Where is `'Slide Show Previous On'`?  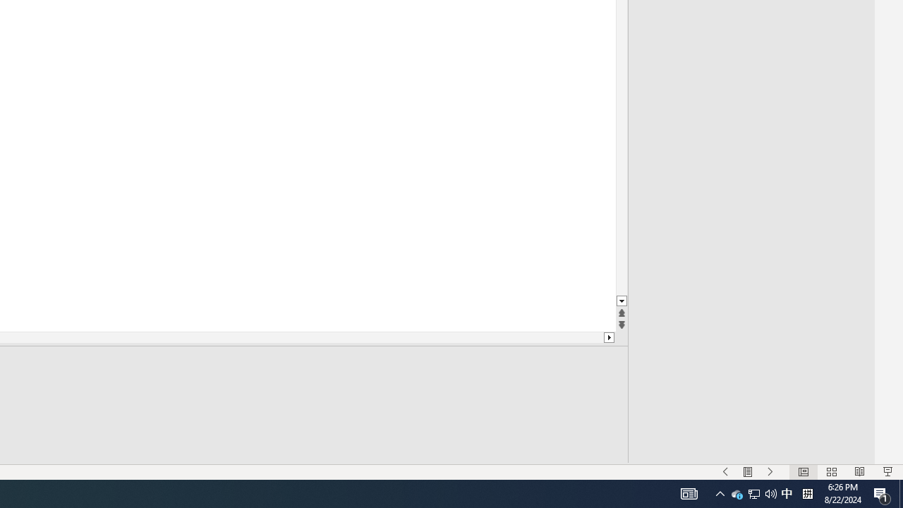
'Slide Show Previous On' is located at coordinates (725, 472).